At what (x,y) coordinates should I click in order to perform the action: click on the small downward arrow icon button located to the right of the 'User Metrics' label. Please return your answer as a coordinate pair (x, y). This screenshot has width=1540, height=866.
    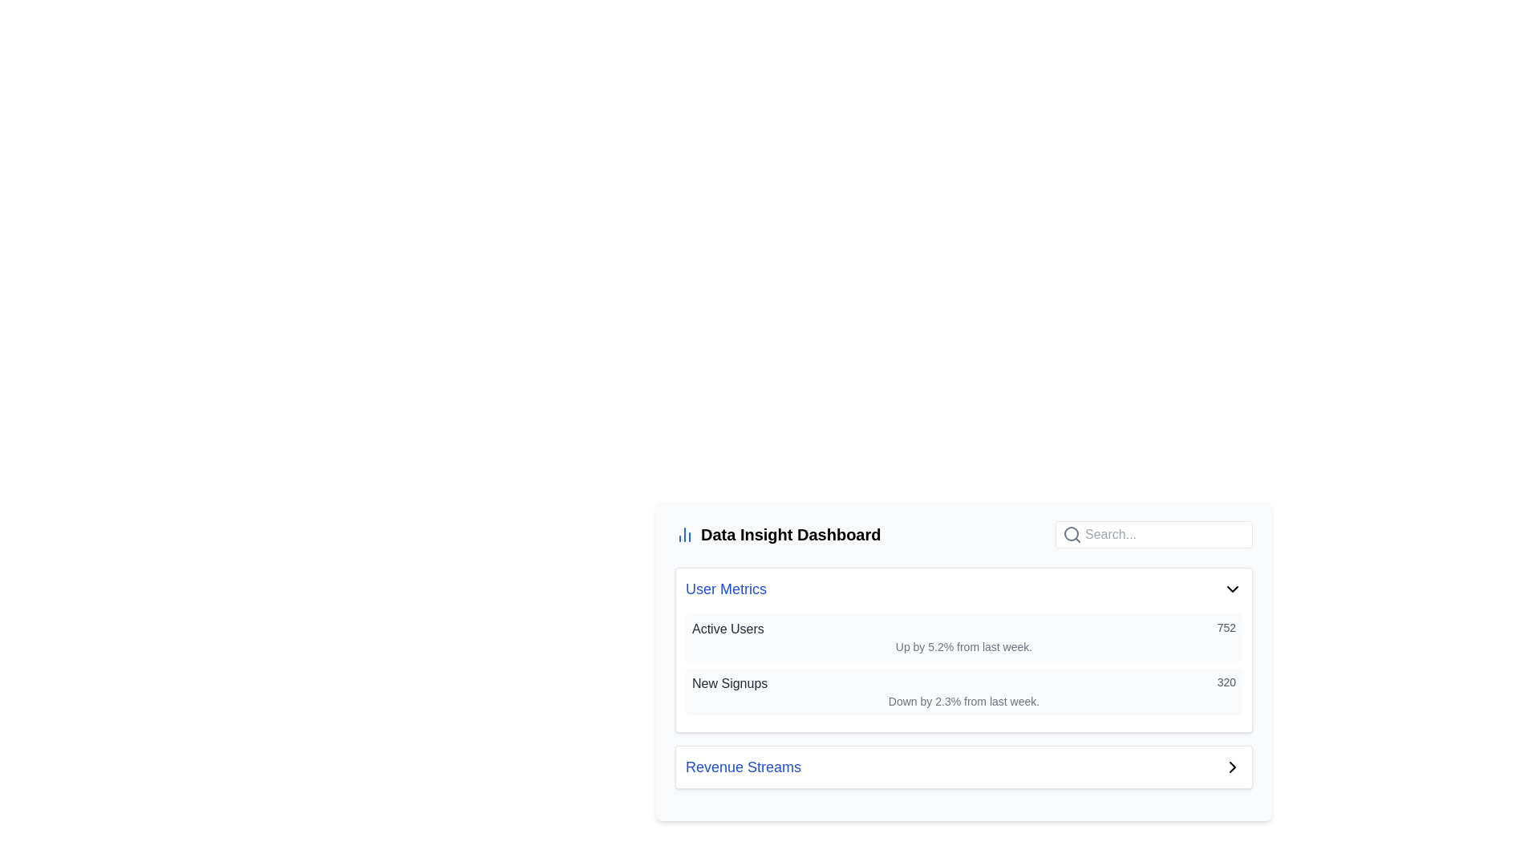
    Looking at the image, I should click on (1231, 589).